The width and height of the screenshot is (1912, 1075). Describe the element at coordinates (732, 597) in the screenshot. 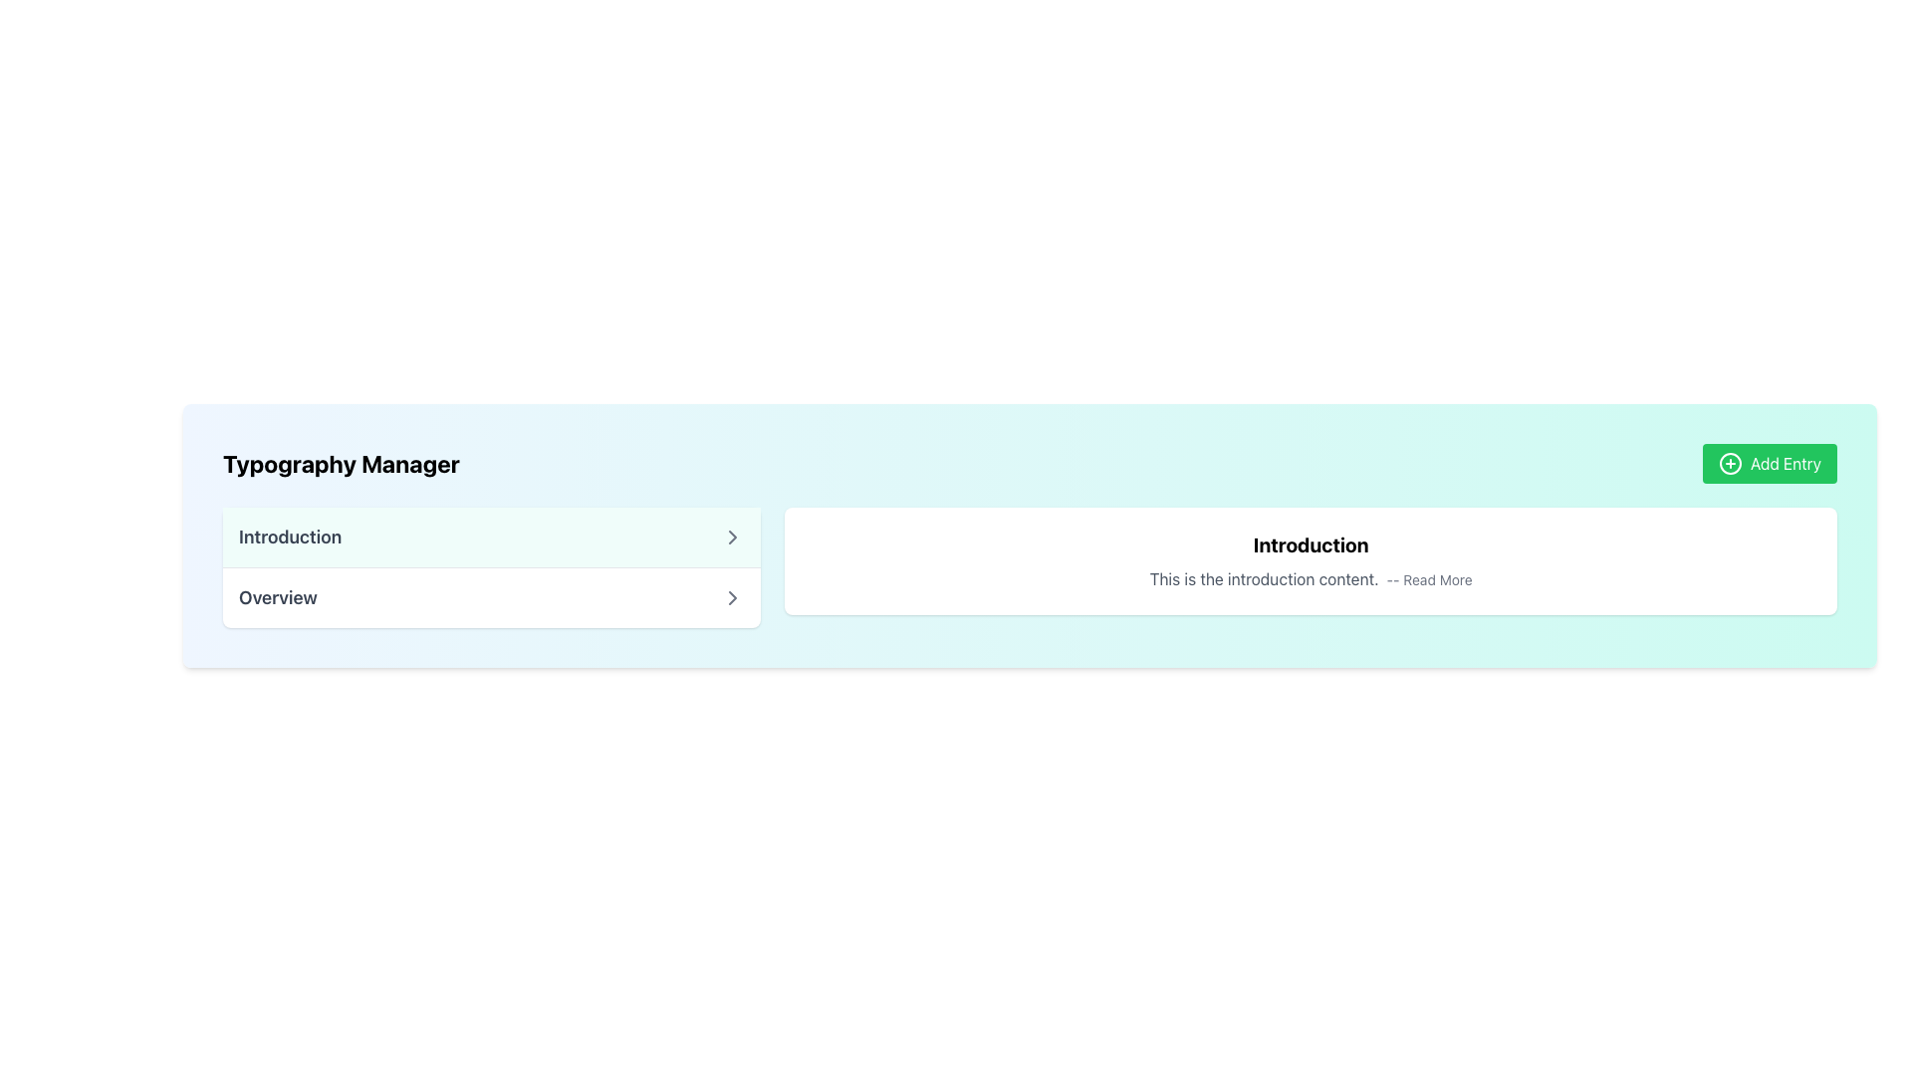

I see `the second chevron icon in the navigation list under the 'Typography Manager' heading, which serves as a navigation indicator for the 'Overview' list item` at that location.